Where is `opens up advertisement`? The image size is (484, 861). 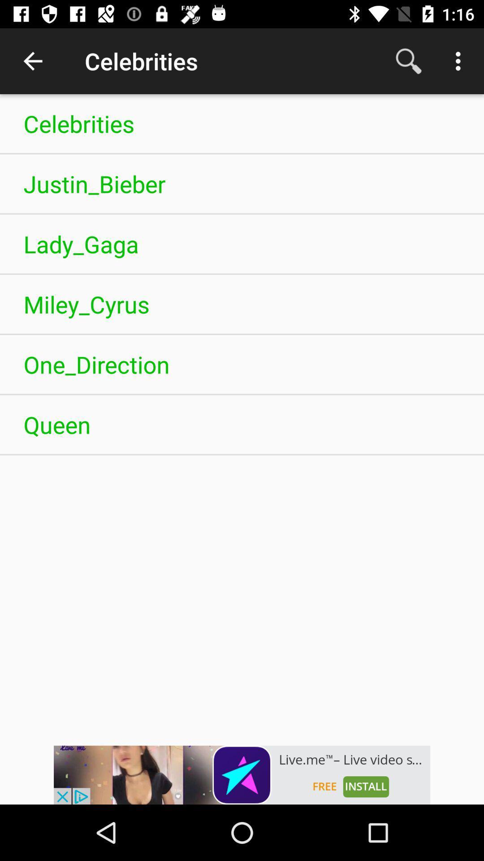
opens up advertisement is located at coordinates (242, 774).